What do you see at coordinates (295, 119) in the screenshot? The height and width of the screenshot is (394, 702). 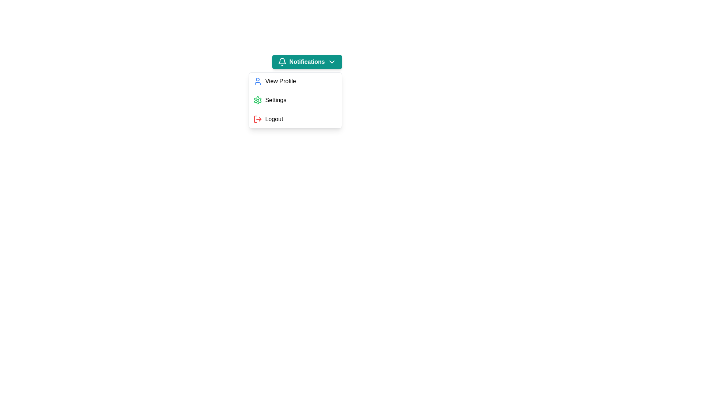 I see `the menu option Logout` at bounding box center [295, 119].